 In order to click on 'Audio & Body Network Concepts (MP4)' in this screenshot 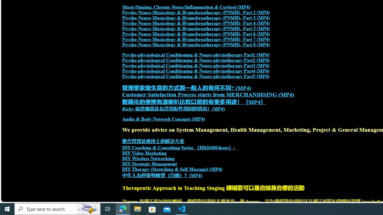, I will do `click(164, 119)`.